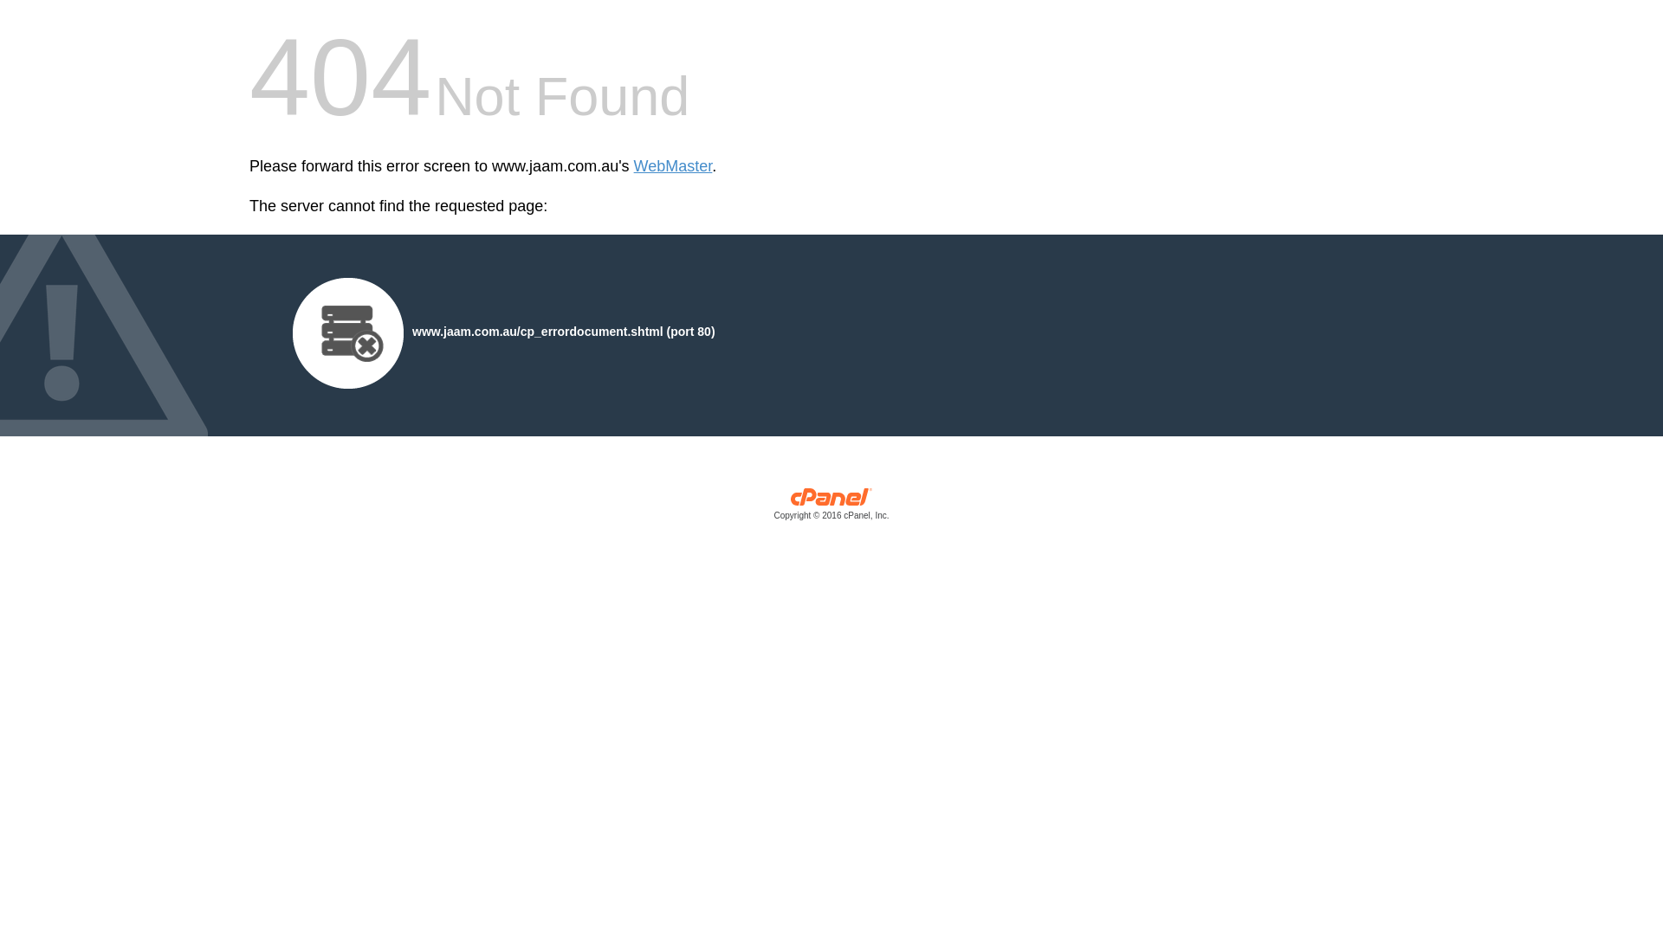  What do you see at coordinates (672, 166) in the screenshot?
I see `'WebMaster'` at bounding box center [672, 166].